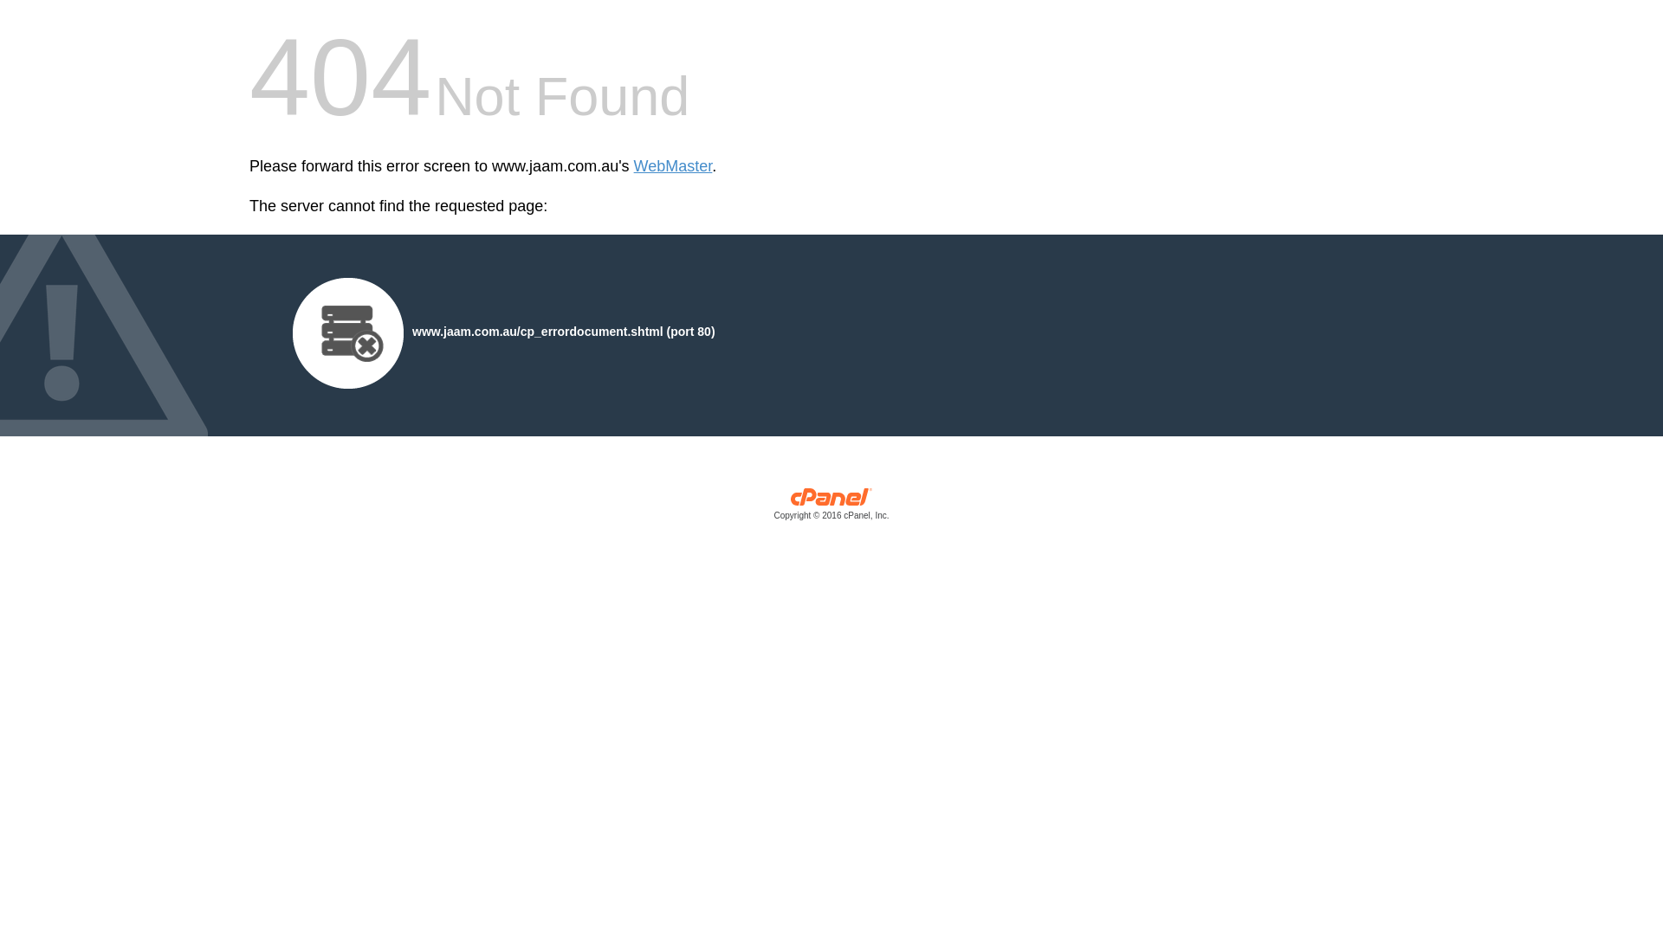  What do you see at coordinates (672, 166) in the screenshot?
I see `'WebMaster'` at bounding box center [672, 166].